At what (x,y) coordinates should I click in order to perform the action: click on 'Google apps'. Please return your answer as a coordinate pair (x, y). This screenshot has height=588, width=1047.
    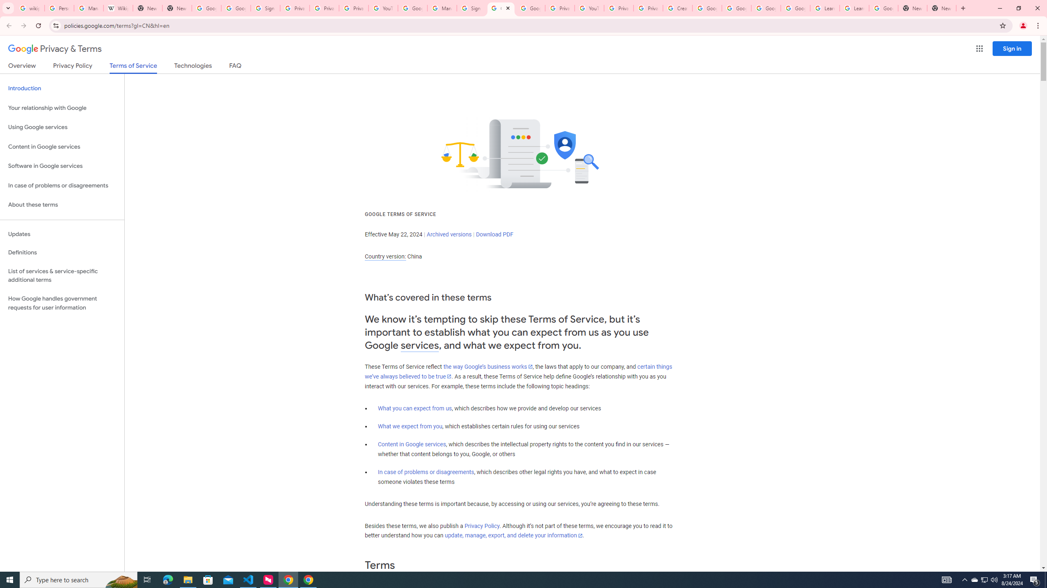
    Looking at the image, I should click on (979, 48).